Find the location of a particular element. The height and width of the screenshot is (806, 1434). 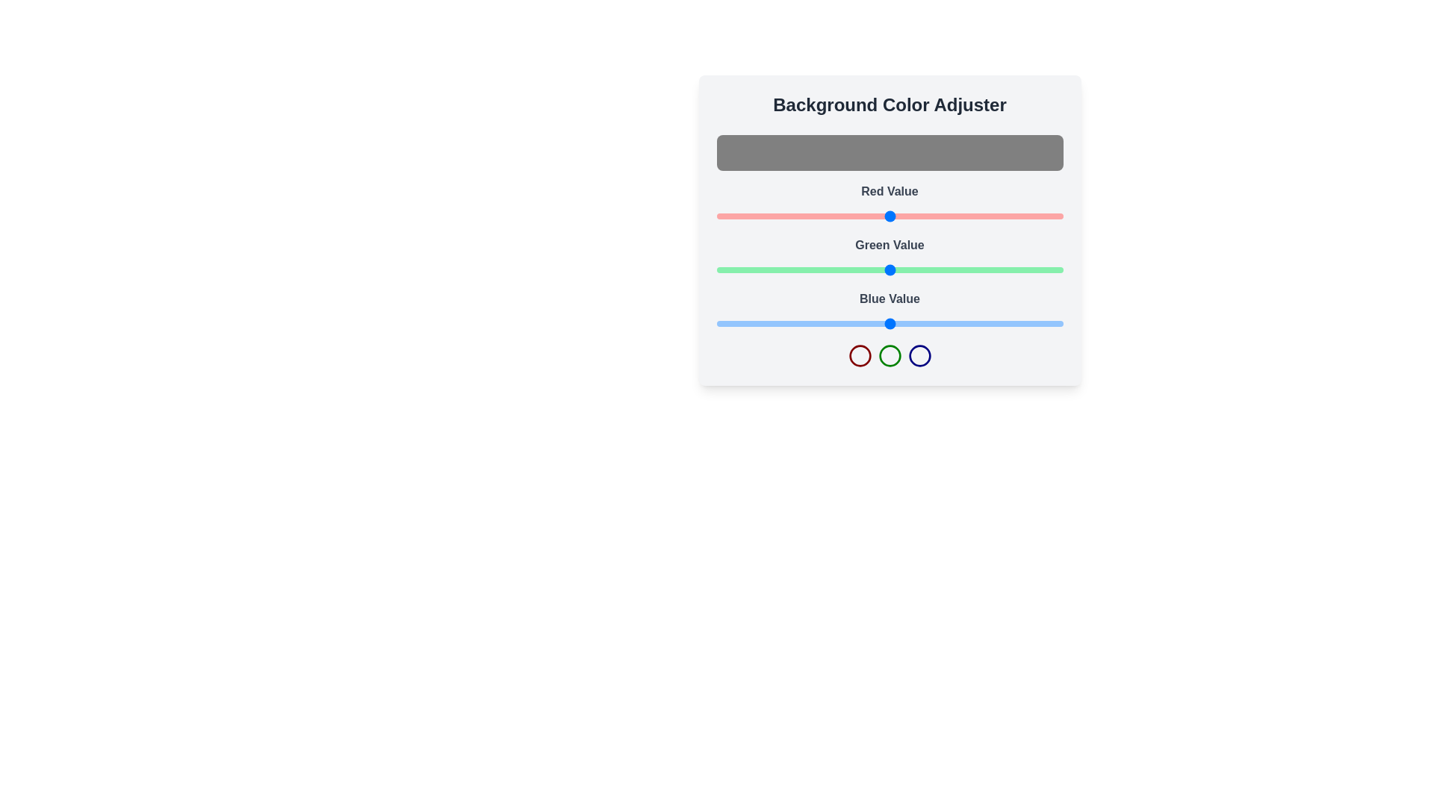

the red color slider to set the red component to 178 is located at coordinates (958, 216).